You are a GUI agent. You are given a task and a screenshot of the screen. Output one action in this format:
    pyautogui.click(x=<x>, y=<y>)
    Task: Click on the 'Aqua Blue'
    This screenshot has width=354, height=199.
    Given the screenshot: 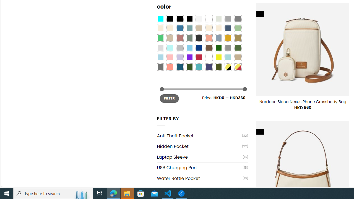 What is the action you would take?
    pyautogui.click(x=160, y=18)
    